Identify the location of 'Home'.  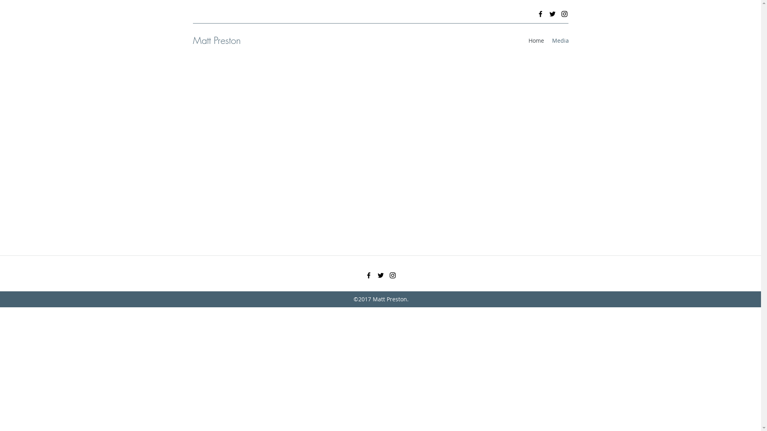
(536, 40).